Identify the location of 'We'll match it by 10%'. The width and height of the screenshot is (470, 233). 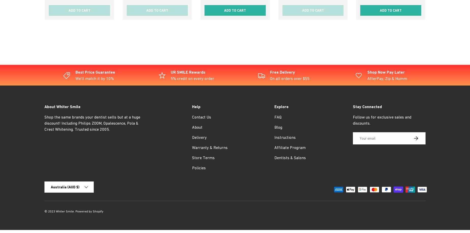
(75, 78).